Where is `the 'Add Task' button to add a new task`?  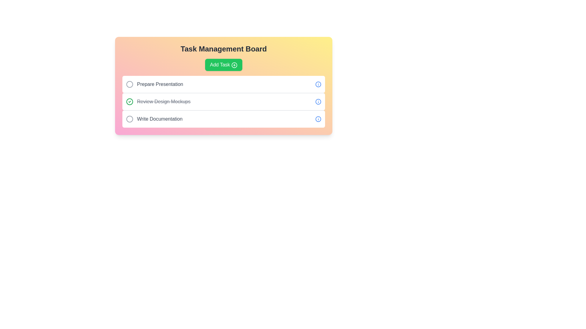
the 'Add Task' button to add a new task is located at coordinates (223, 65).